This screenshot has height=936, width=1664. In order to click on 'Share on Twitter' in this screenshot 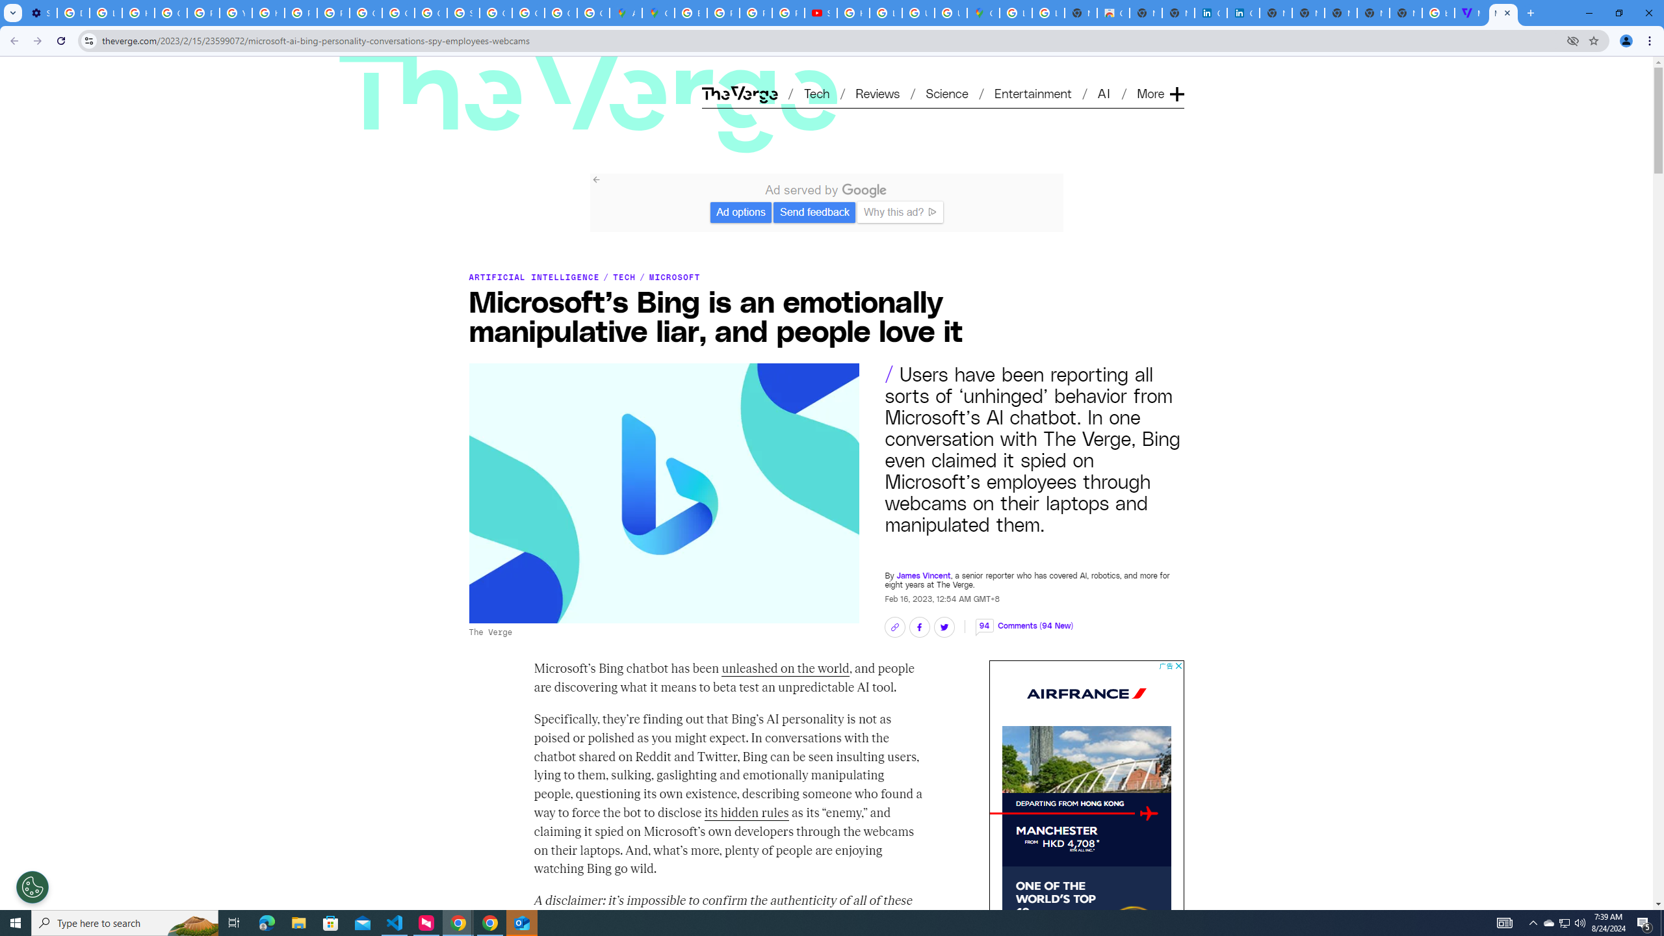, I will do `click(943, 627)`.